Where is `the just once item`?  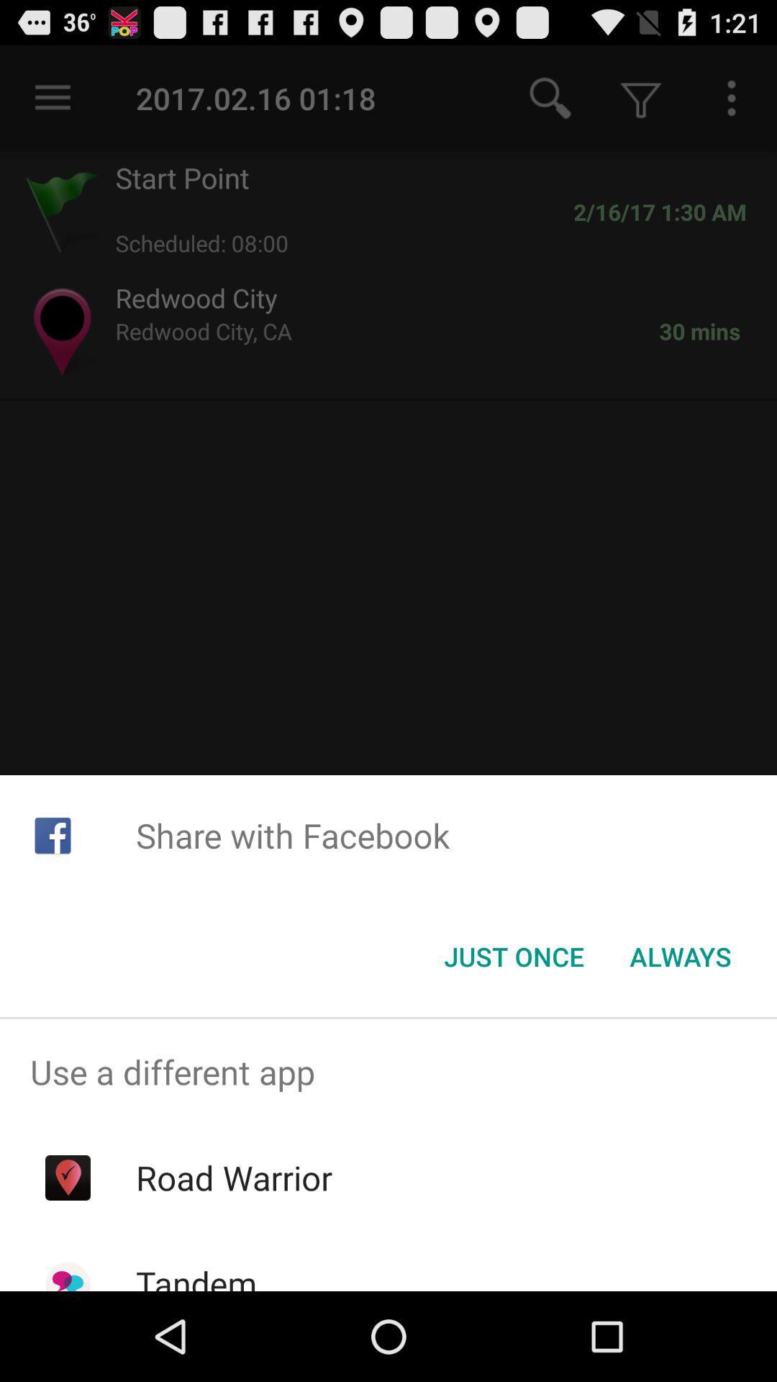 the just once item is located at coordinates (513, 957).